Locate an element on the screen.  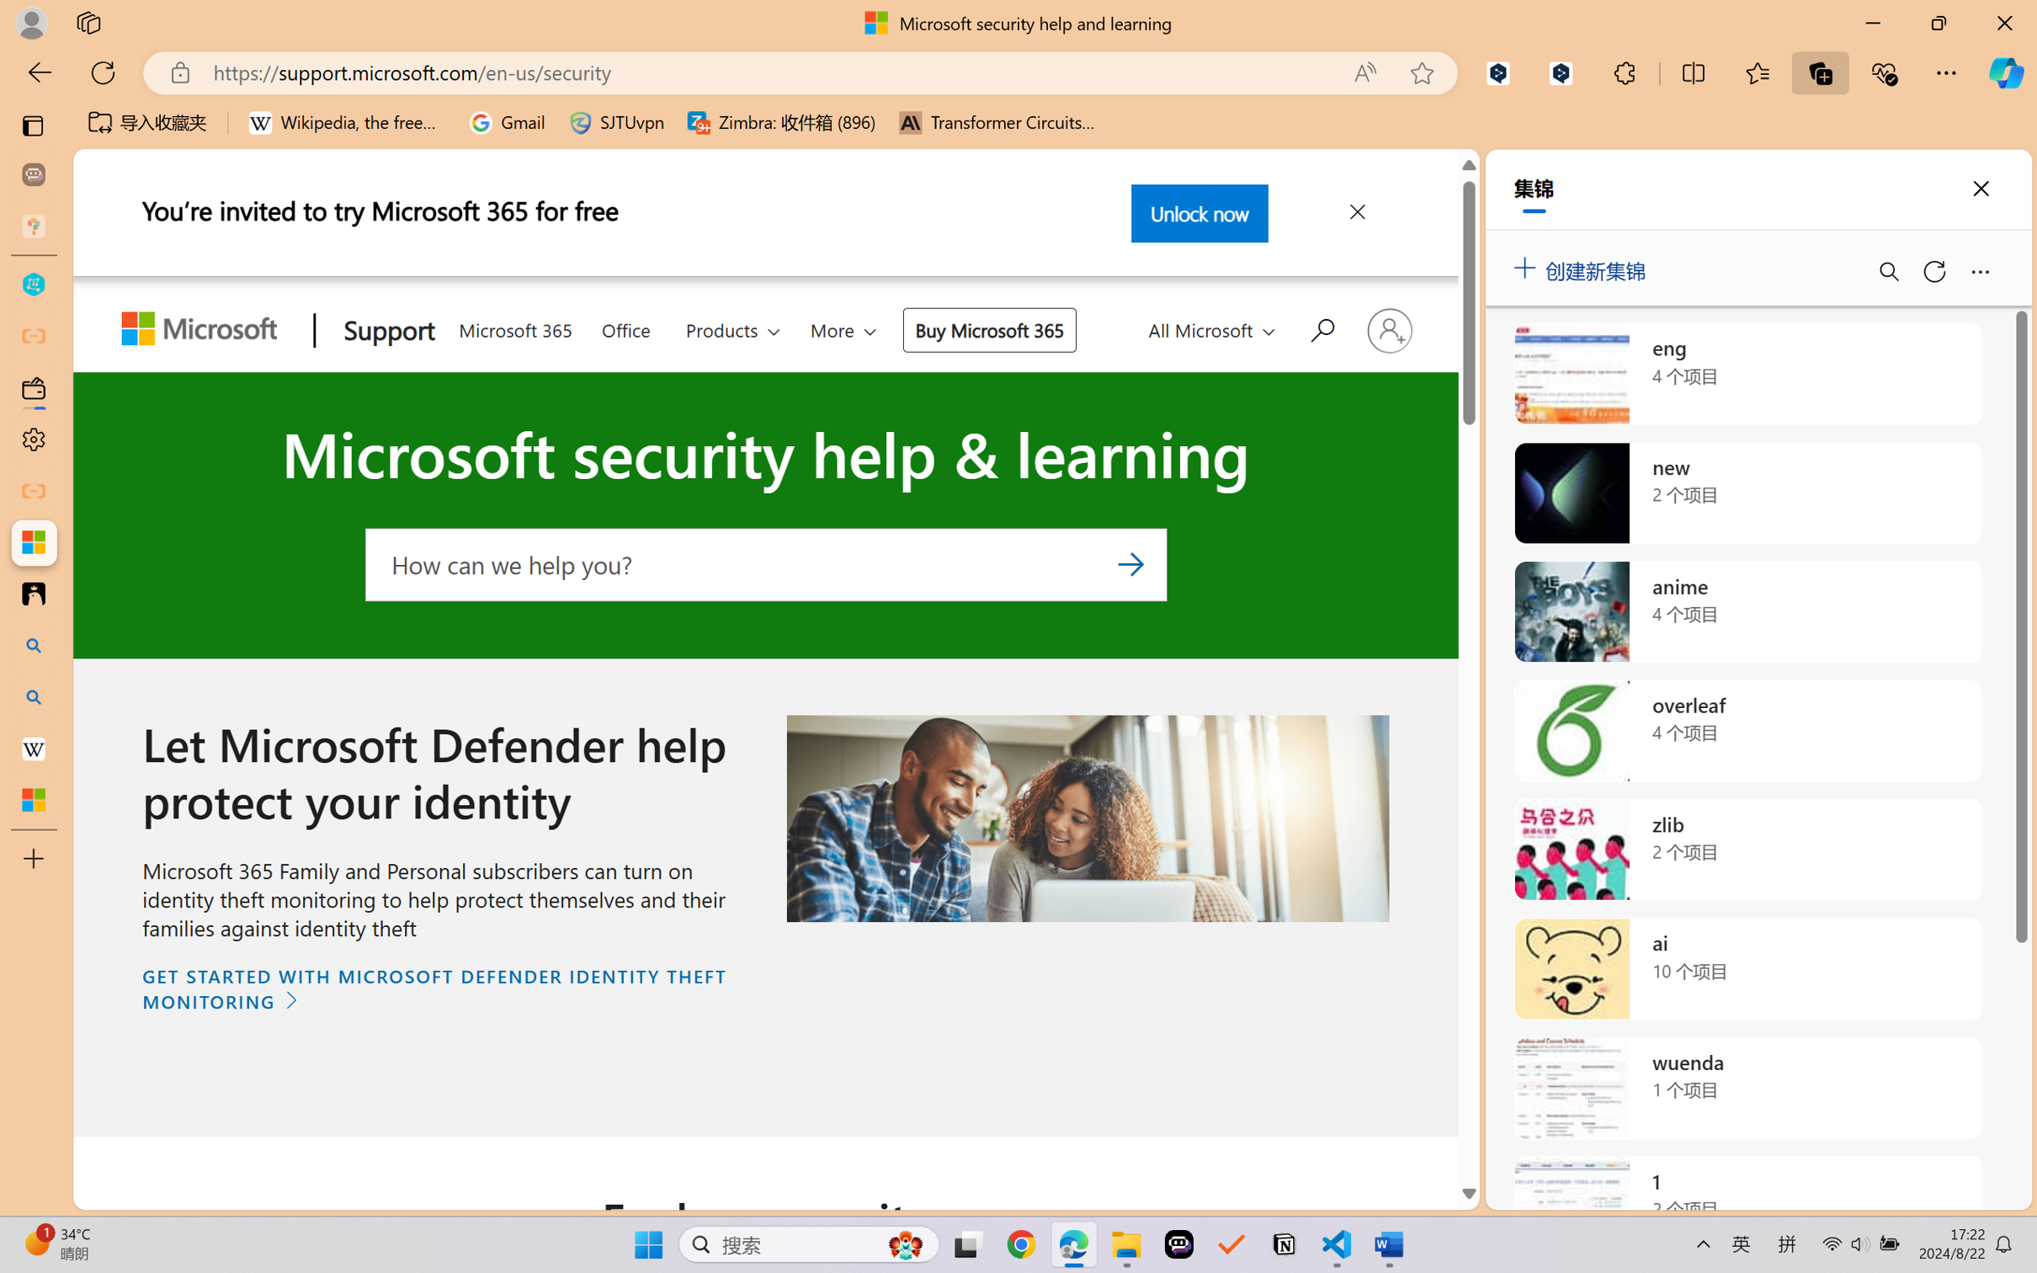
'Microsoft 365' is located at coordinates (514, 327).